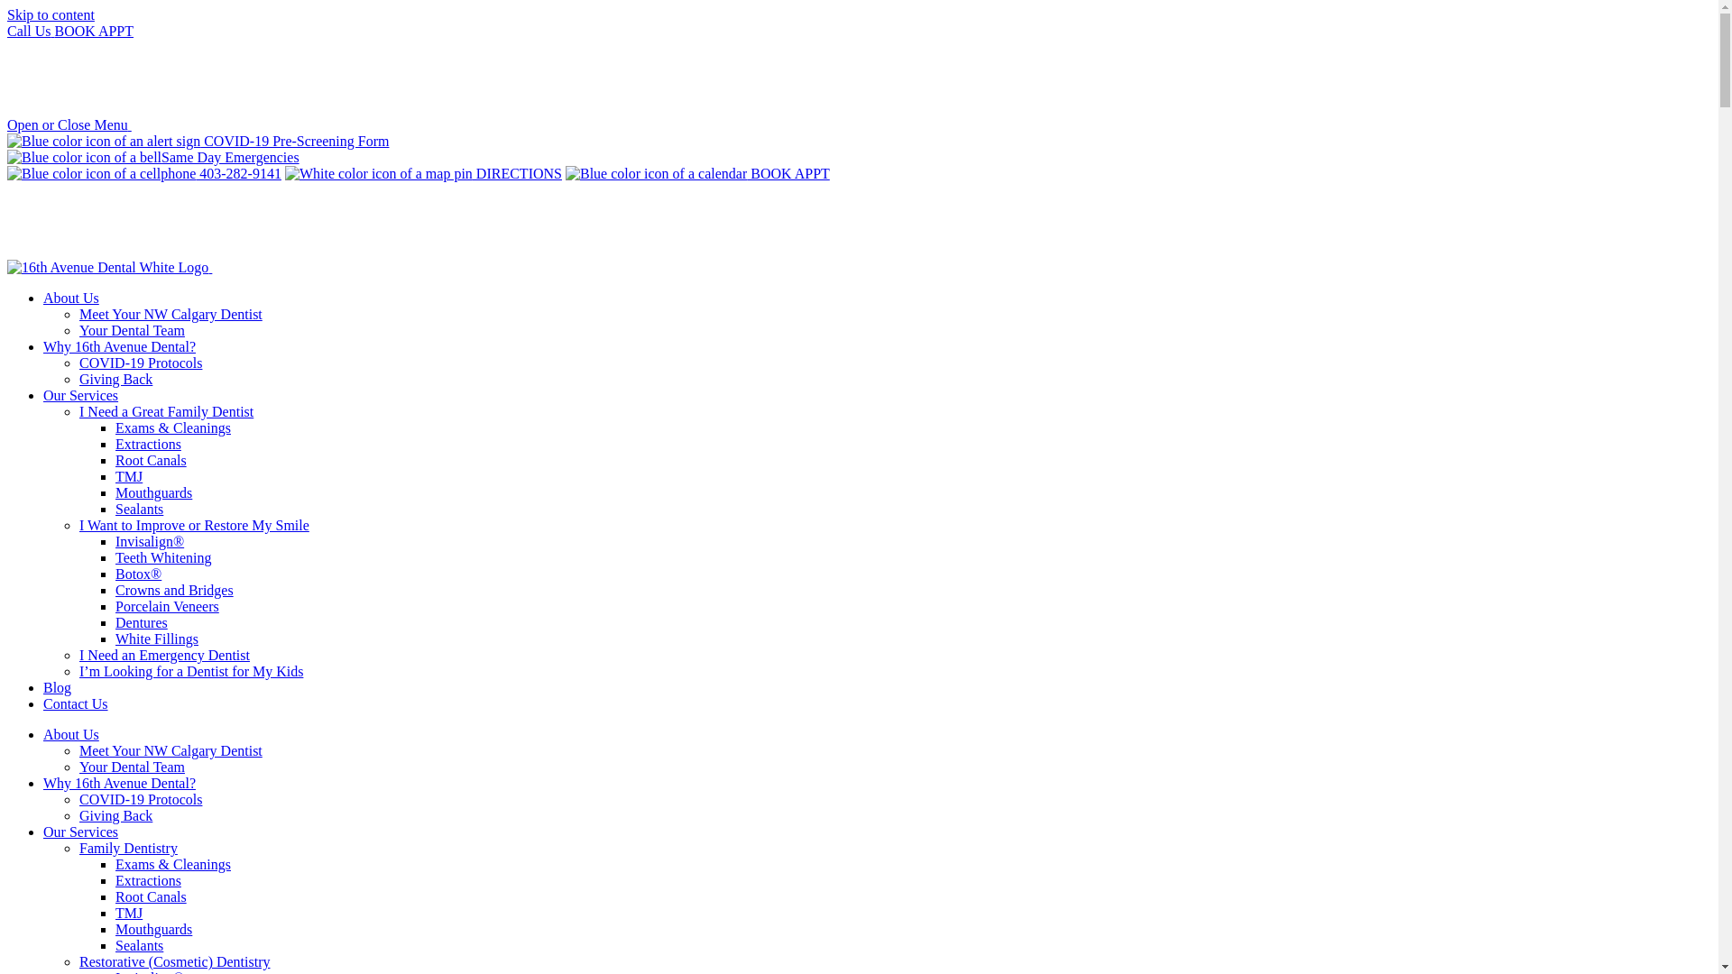  I want to click on 'Open or Close Menu', so click(69, 124).